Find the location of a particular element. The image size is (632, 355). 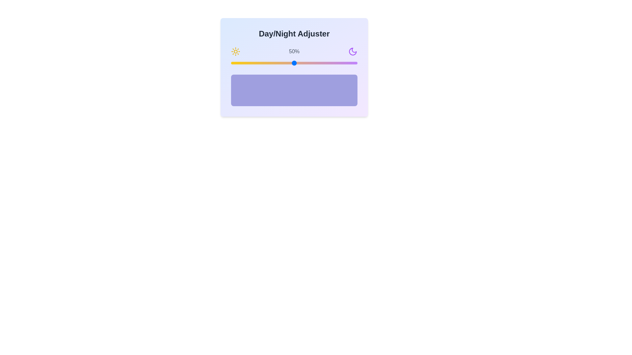

the day/night slider to 96% is located at coordinates (352, 63).